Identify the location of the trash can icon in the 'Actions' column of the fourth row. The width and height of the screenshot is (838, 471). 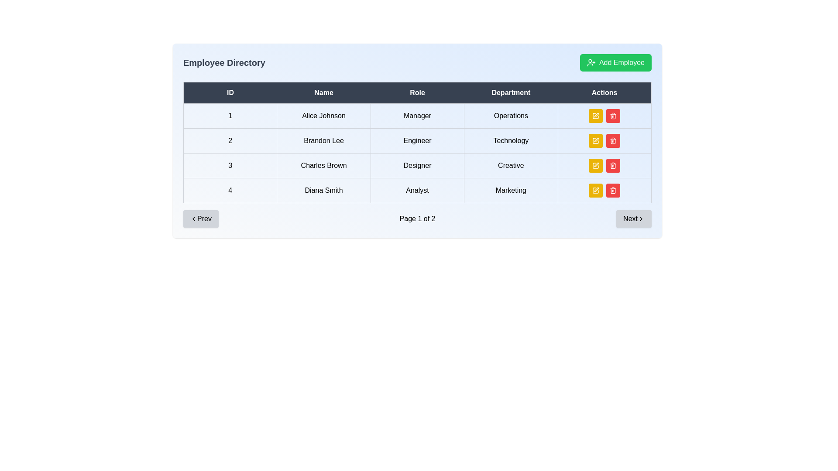
(613, 140).